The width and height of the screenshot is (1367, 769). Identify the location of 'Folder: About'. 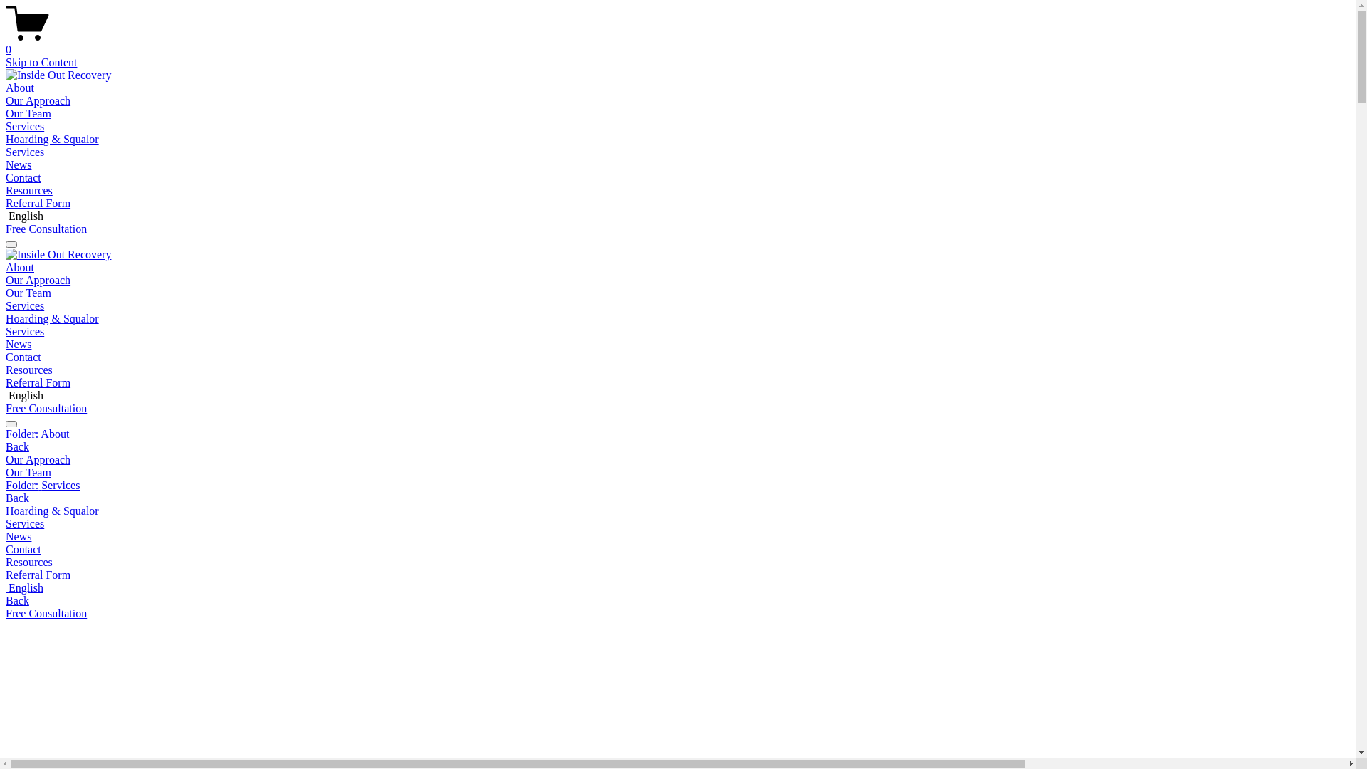
(6, 433).